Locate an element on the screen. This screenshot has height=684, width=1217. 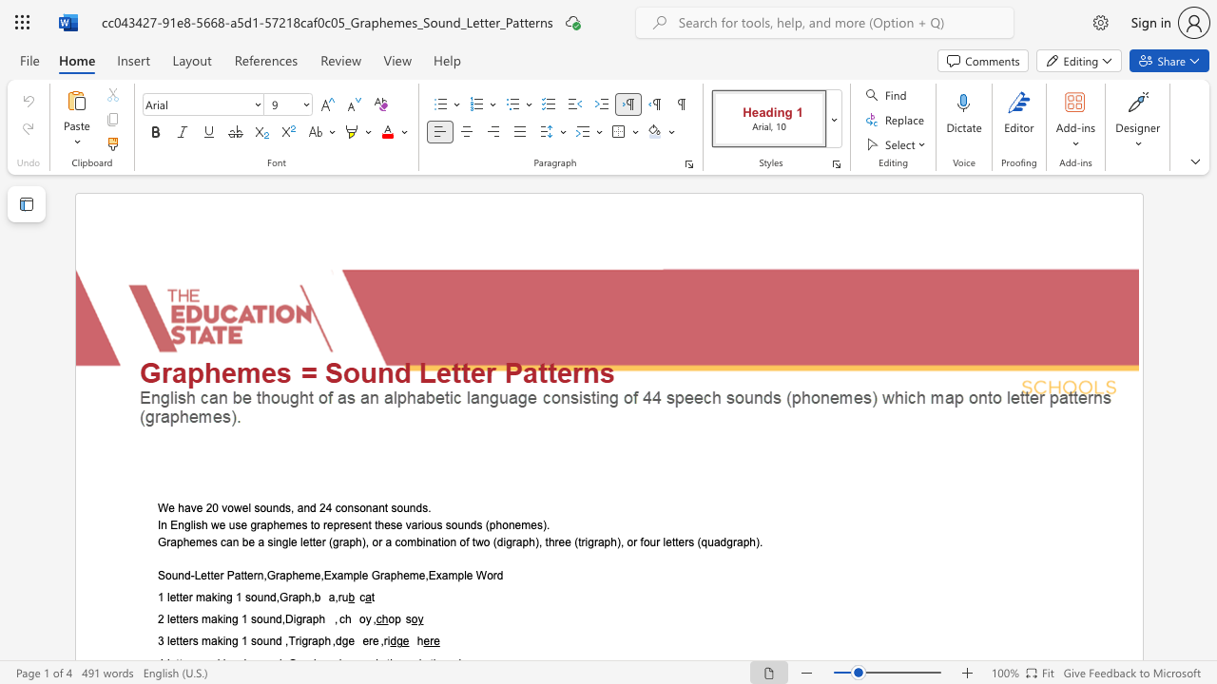
the subset text "rigraph ,dge    e" within the text "3 letters making 1 sound  ,Trigraph ,dge    ere ,ri" is located at coordinates (294, 641).